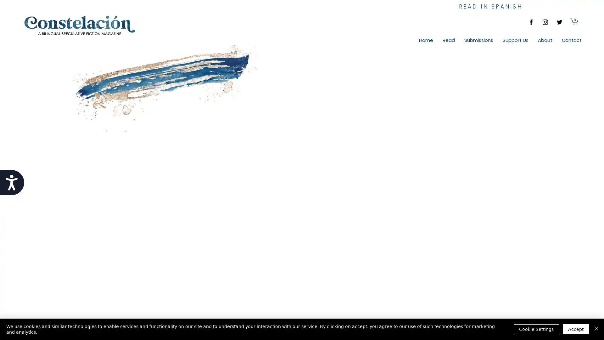 This screenshot has height=340, width=604. Describe the element at coordinates (536, 329) in the screenshot. I see `Cookie Settings` at that location.